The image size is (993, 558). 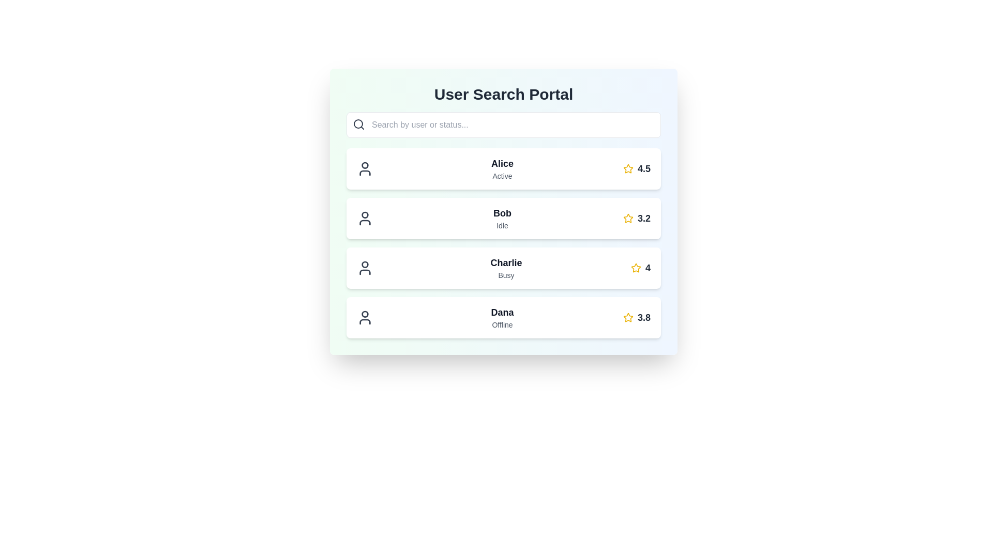 I want to click on the text label indicating the name of the corresponding user in the third row of the user list, so click(x=506, y=262).